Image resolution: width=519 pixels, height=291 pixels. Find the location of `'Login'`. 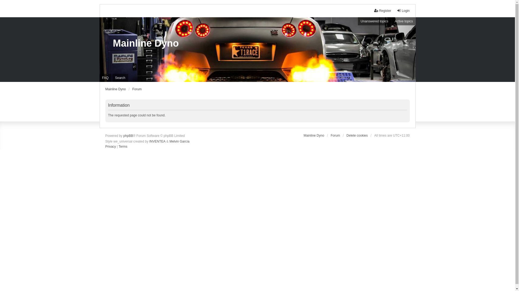

'Login' is located at coordinates (403, 11).